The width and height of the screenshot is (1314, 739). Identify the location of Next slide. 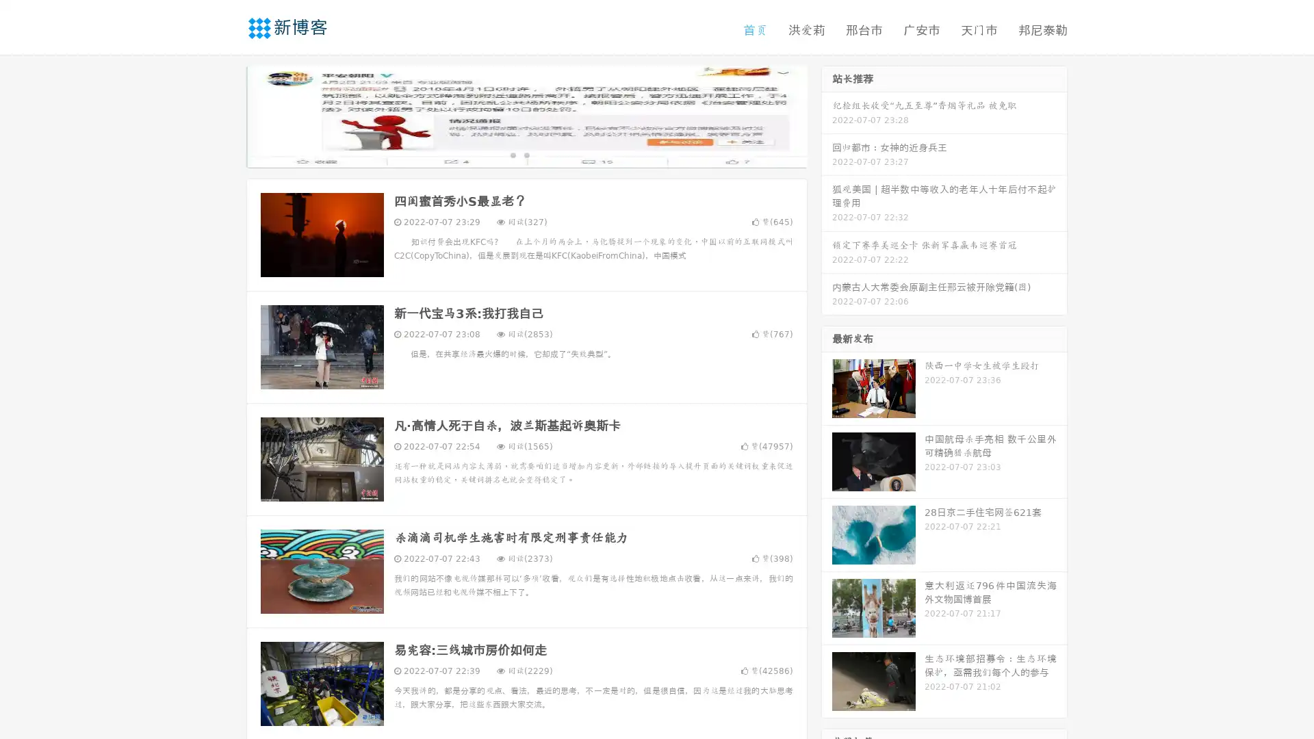
(827, 115).